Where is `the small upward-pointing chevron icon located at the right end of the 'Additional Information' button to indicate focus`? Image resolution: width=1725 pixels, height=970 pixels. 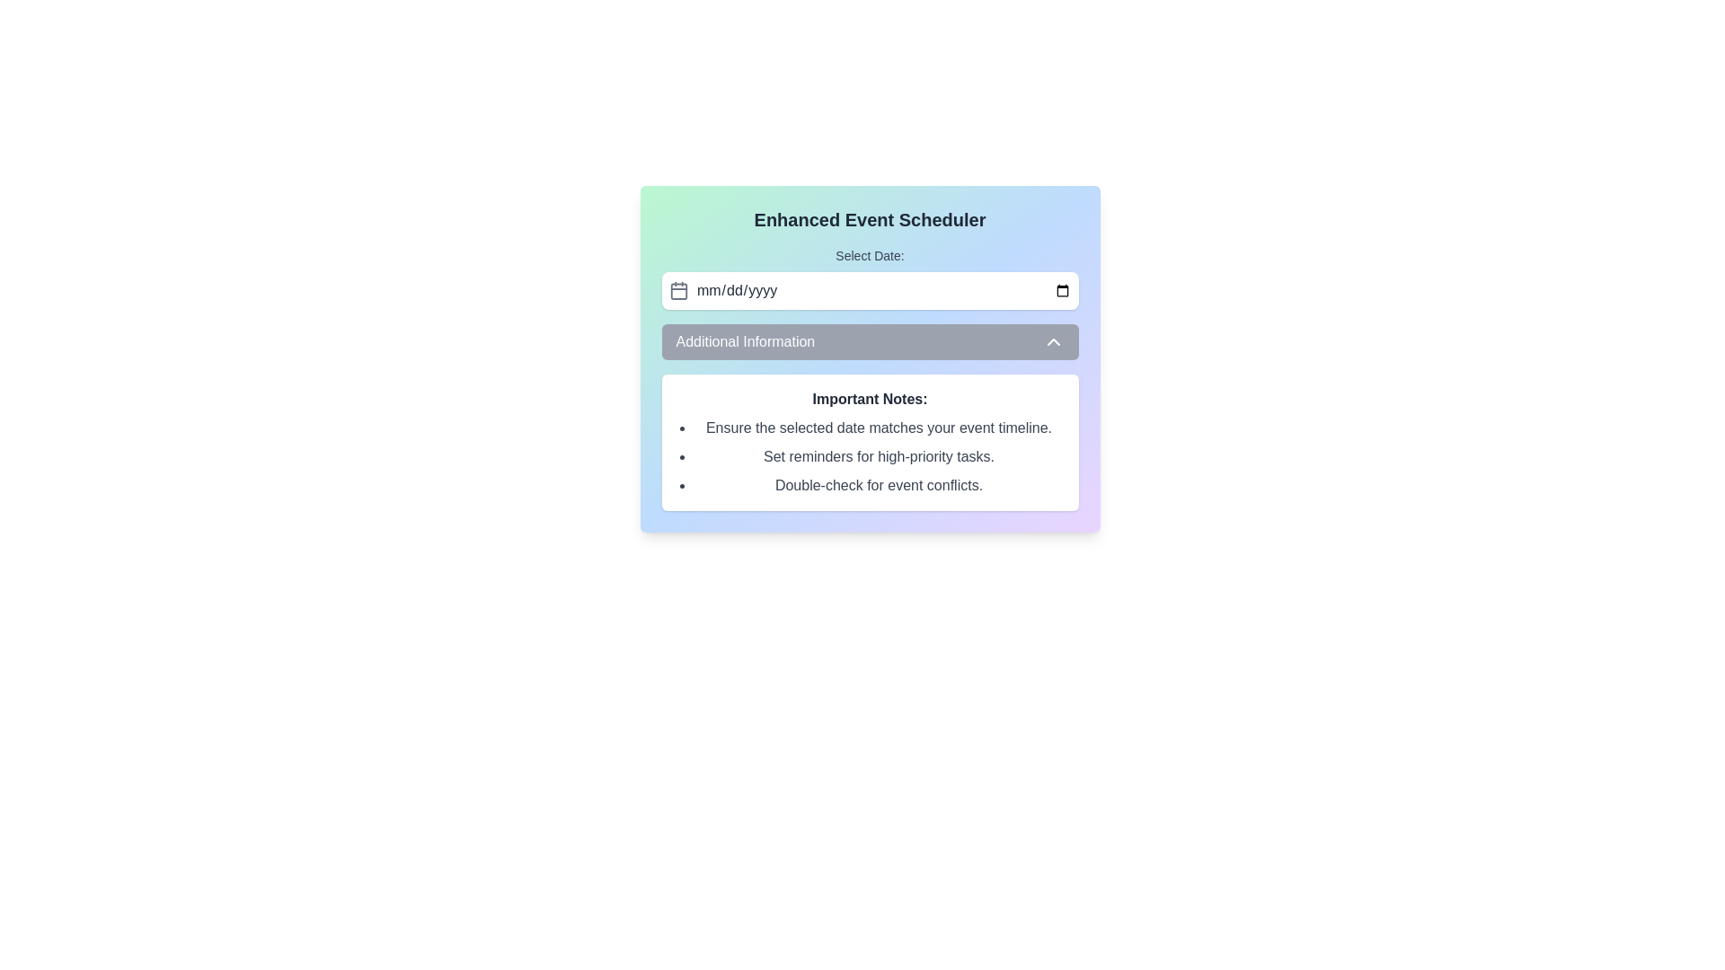
the small upward-pointing chevron icon located at the right end of the 'Additional Information' button to indicate focus is located at coordinates (1053, 342).